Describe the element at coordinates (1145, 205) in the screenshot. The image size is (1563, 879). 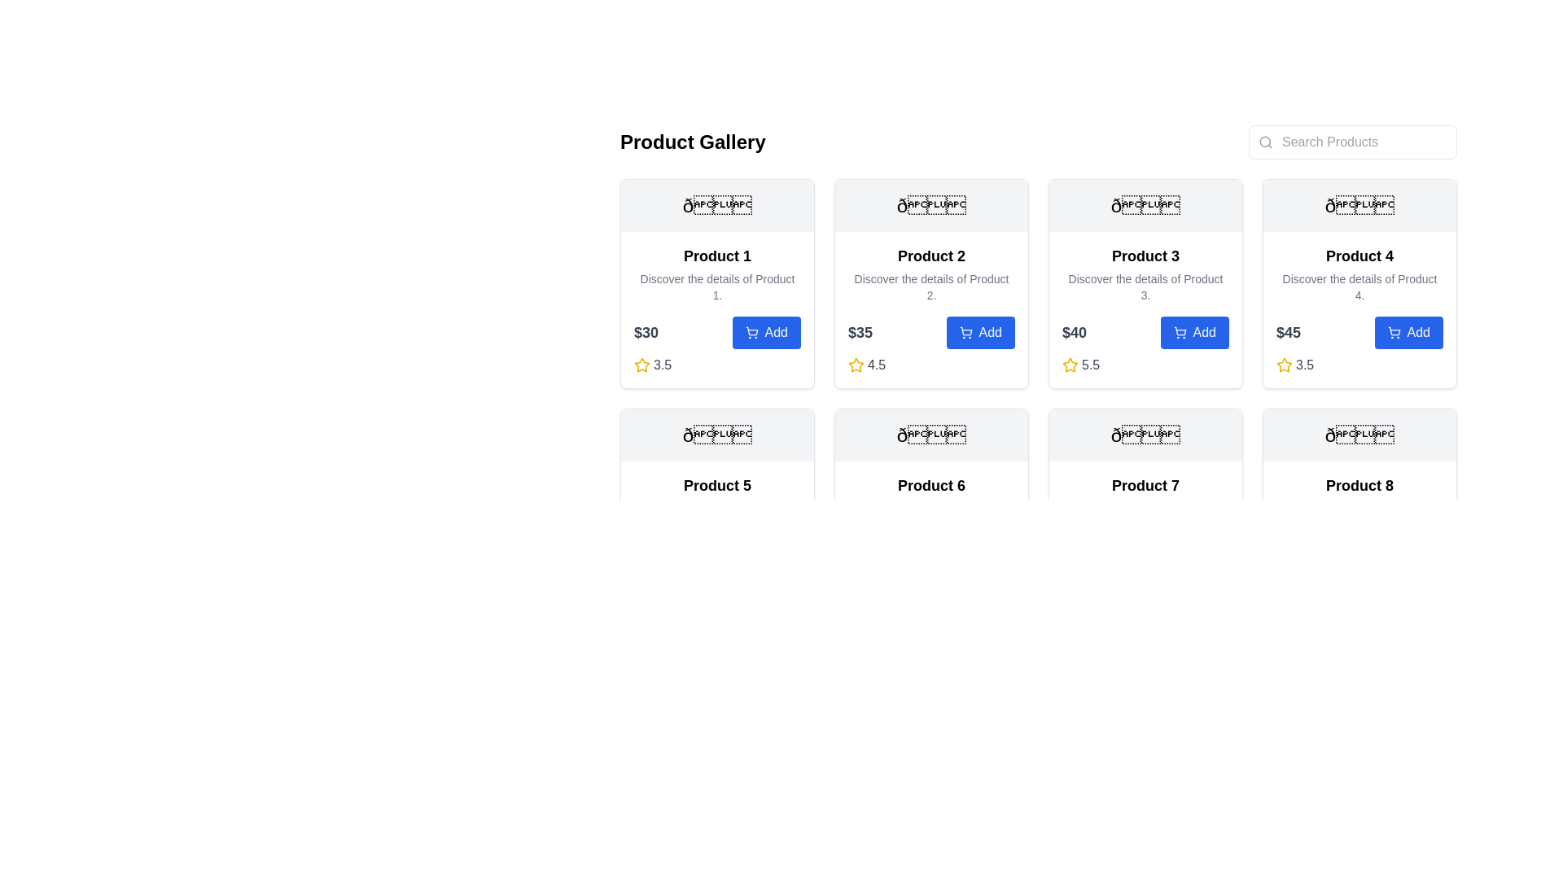
I see `the decorative icon or label for the 'Product 3' card, which serves as a visual identifier at the topmost region of the card's header section` at that location.